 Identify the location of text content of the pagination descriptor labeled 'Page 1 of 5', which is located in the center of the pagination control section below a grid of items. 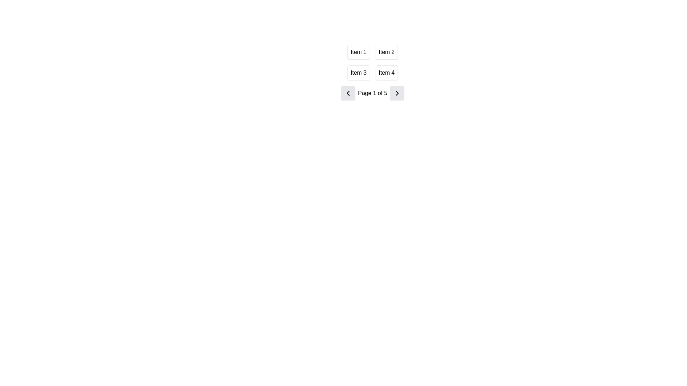
(372, 93).